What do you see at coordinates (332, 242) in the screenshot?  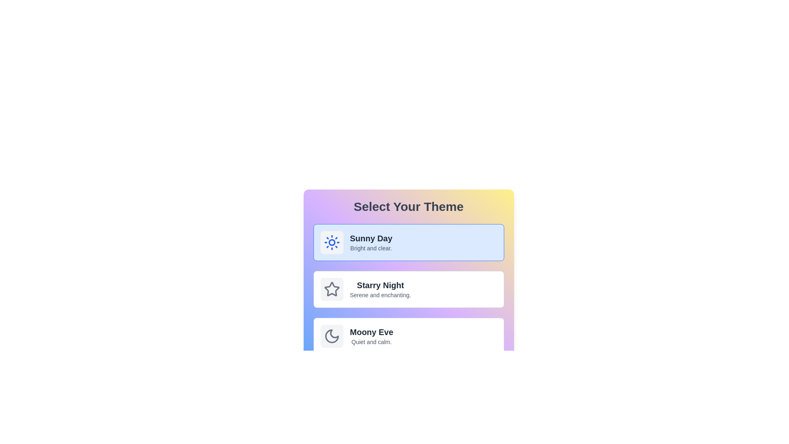 I see `the sunny theme icon, which indicates the 'Sunny Day' option and is located at the beginning of the list of themes, above the text description 'Bright and clear.'` at bounding box center [332, 242].